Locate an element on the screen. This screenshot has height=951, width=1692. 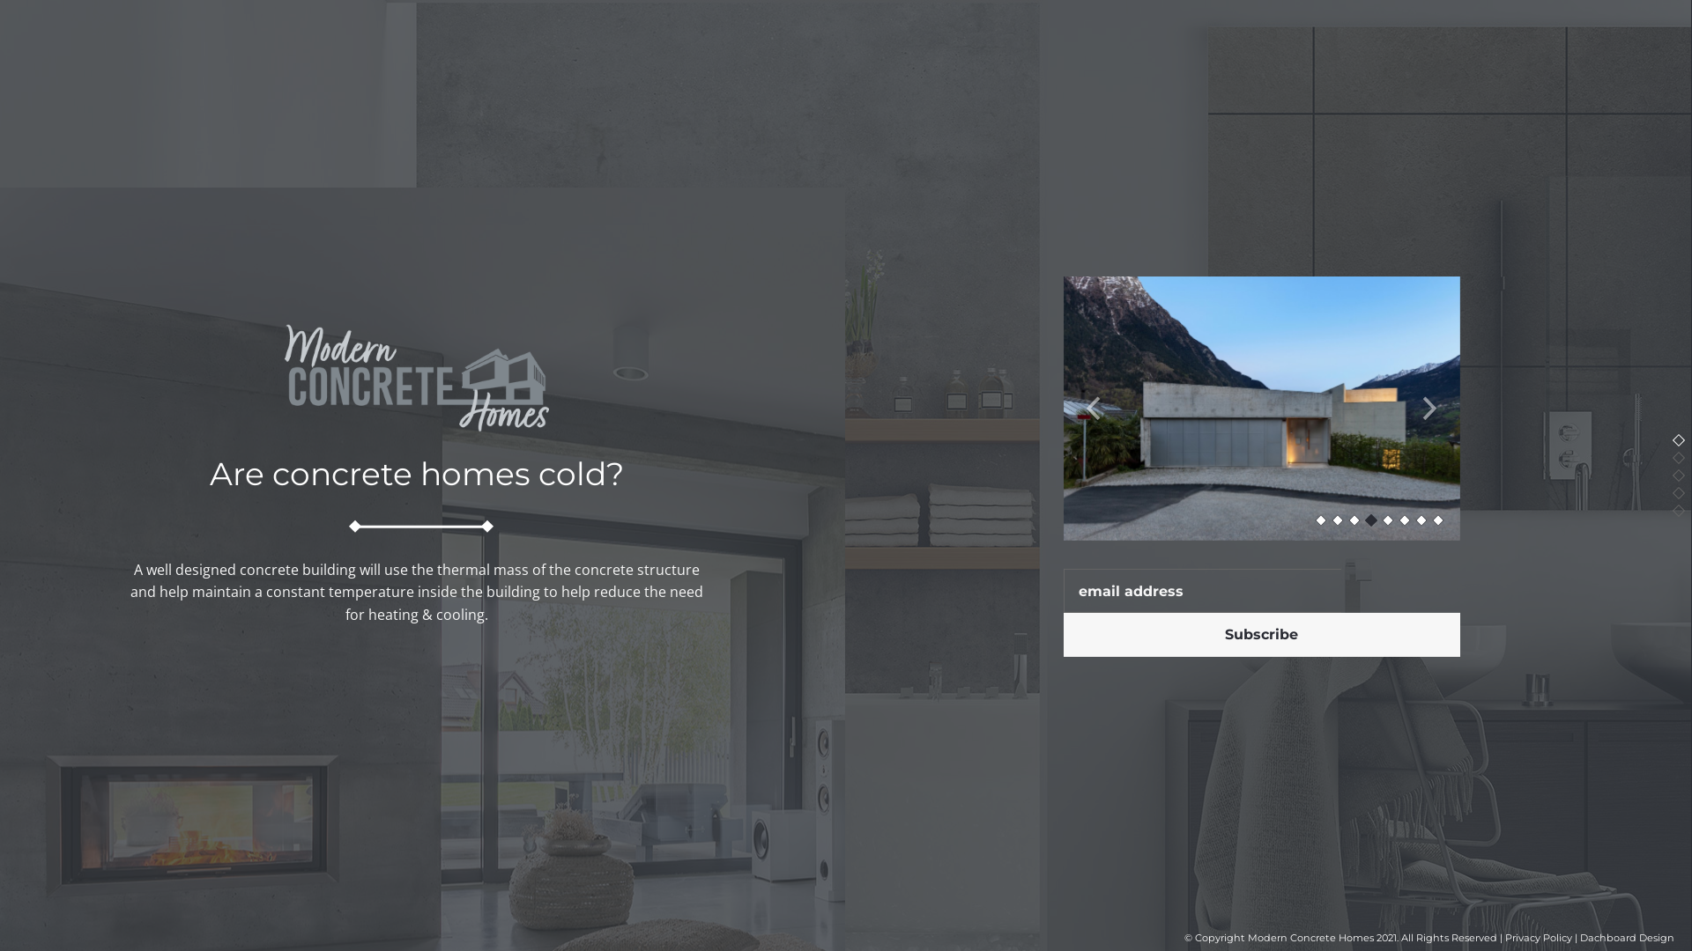
'Dachboard Design' is located at coordinates (1626, 936).